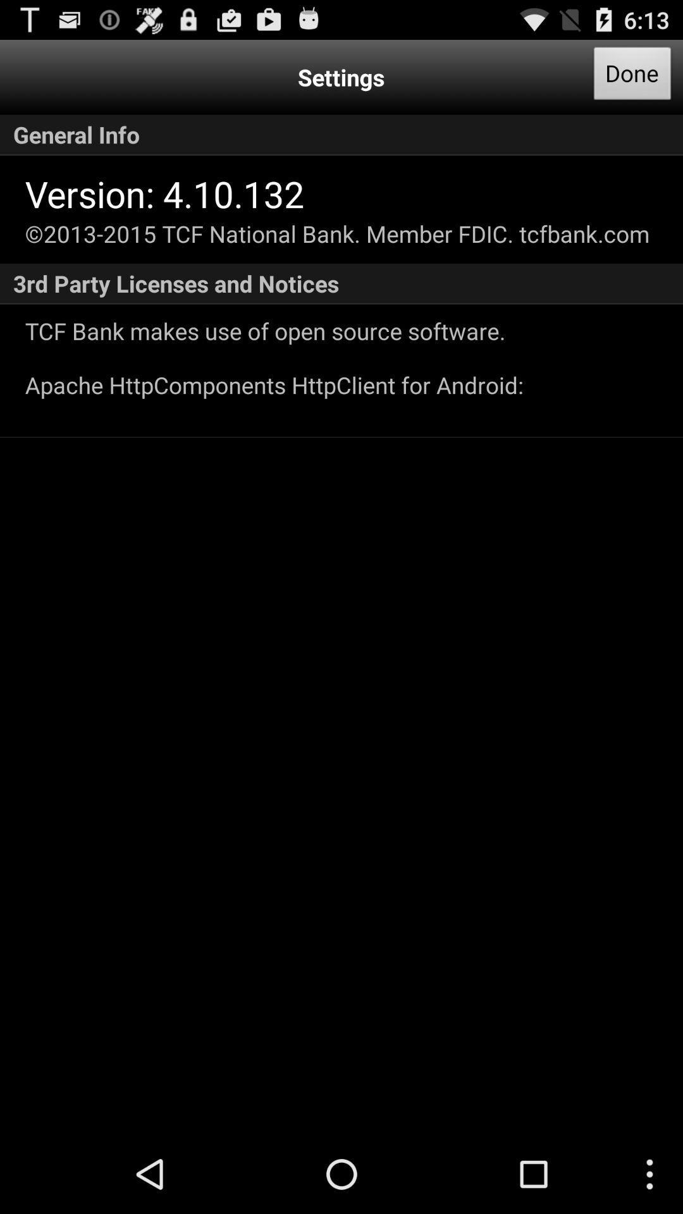  I want to click on icon above general info app, so click(632, 77).